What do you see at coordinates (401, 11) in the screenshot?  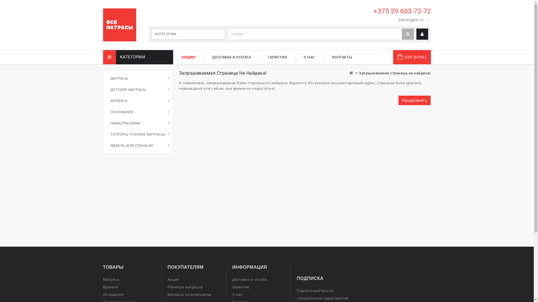 I see `'+375 29 603-72-72'` at bounding box center [401, 11].